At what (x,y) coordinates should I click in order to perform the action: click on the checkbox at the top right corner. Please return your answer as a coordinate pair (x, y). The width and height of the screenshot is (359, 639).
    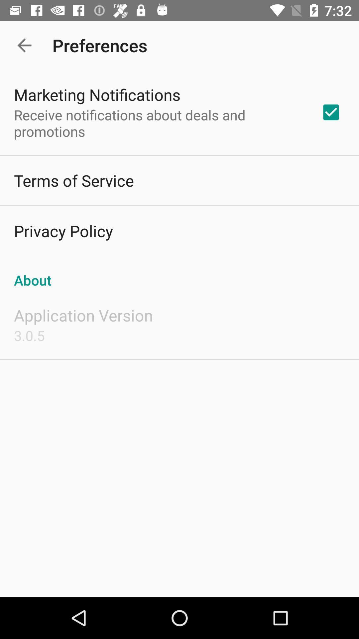
    Looking at the image, I should click on (331, 112).